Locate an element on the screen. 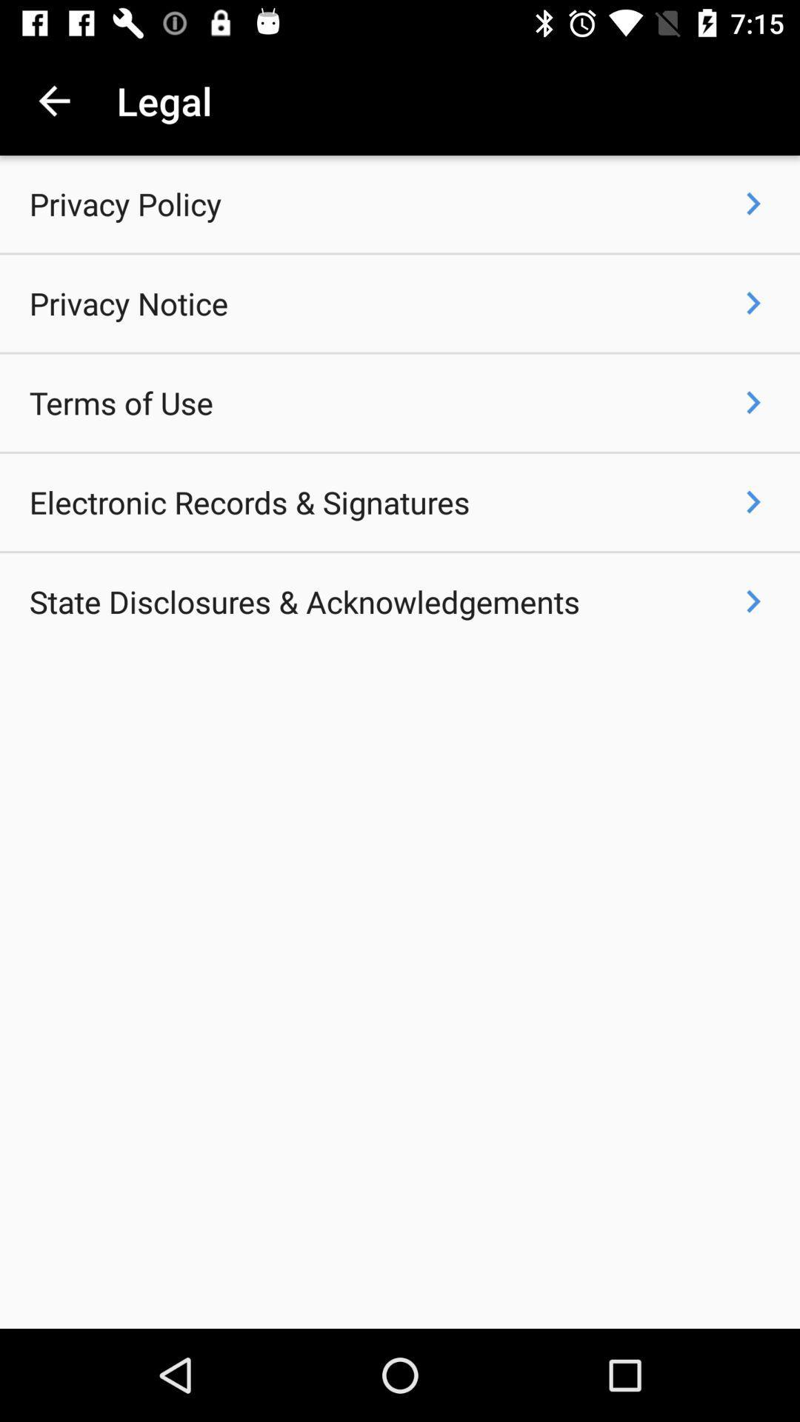 This screenshot has height=1422, width=800. icon to the left of the legal item is located at coordinates (53, 100).